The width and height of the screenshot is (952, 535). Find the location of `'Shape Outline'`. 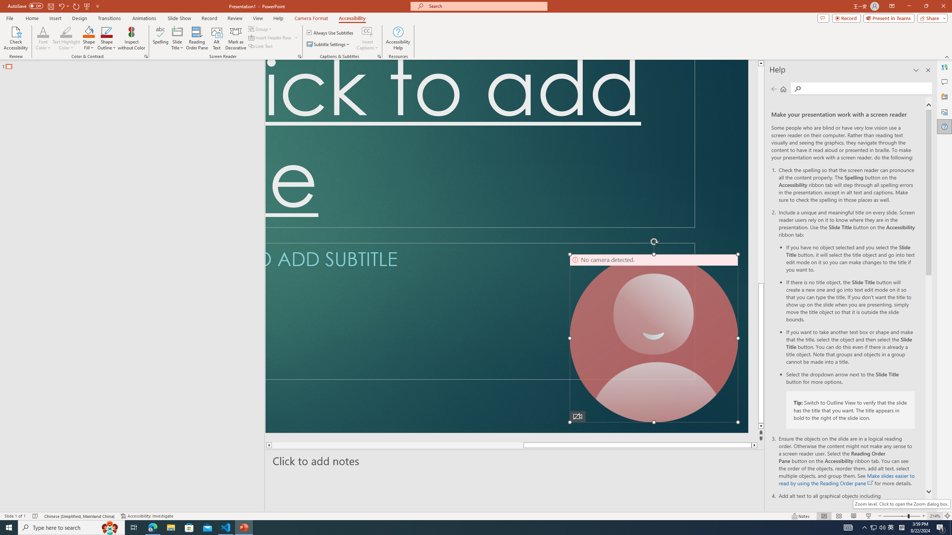

'Shape Outline' is located at coordinates (107, 38).